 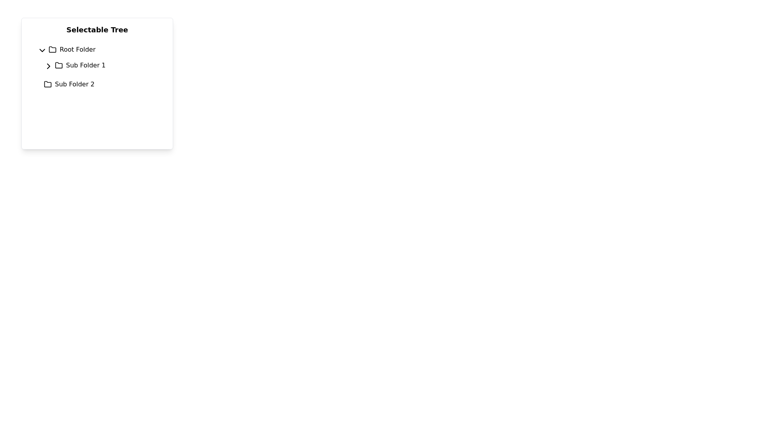 I want to click on the text label 'Sub Folder 1' within the tree structure, so click(x=103, y=65).